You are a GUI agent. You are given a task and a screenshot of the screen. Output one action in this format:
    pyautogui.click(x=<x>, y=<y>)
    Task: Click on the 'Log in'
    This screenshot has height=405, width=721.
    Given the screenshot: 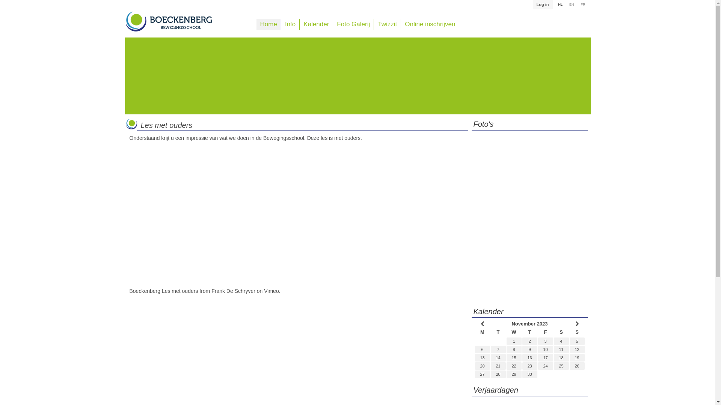 What is the action you would take?
    pyautogui.click(x=532, y=4)
    